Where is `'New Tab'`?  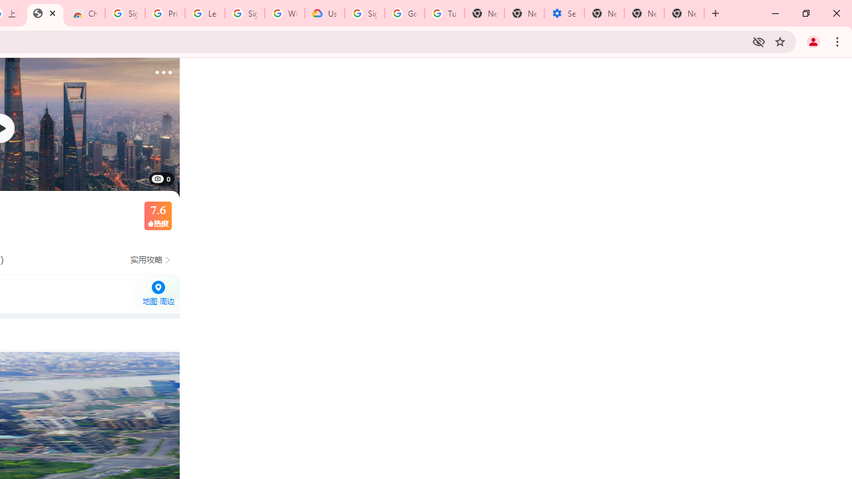 'New Tab' is located at coordinates (684, 13).